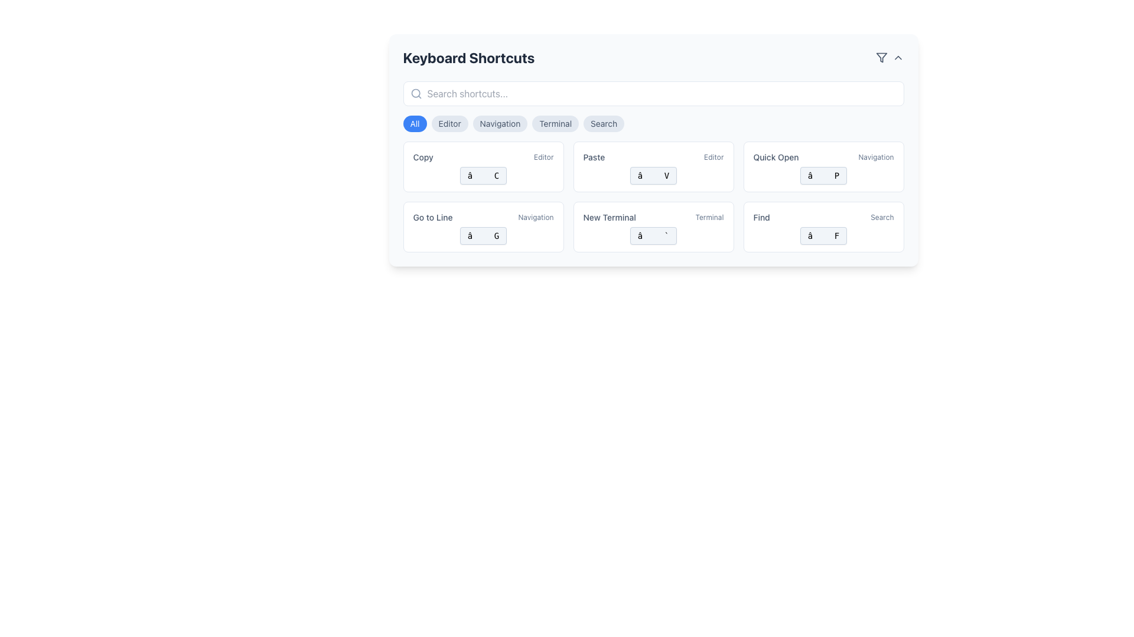 This screenshot has width=1134, height=637. I want to click on the static text label that reads 'Go to Line', which is styled with a medium-sized, grey font and is positioned in the second row of keyboard shortcut entries, so click(432, 218).